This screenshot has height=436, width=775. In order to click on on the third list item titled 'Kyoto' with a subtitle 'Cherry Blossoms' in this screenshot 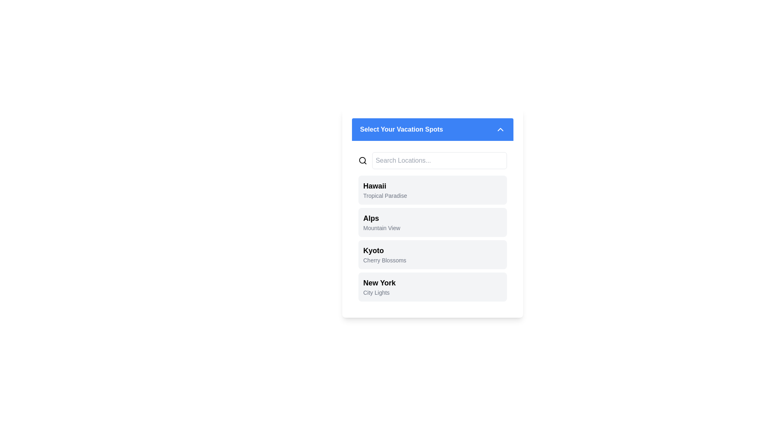, I will do `click(384, 255)`.